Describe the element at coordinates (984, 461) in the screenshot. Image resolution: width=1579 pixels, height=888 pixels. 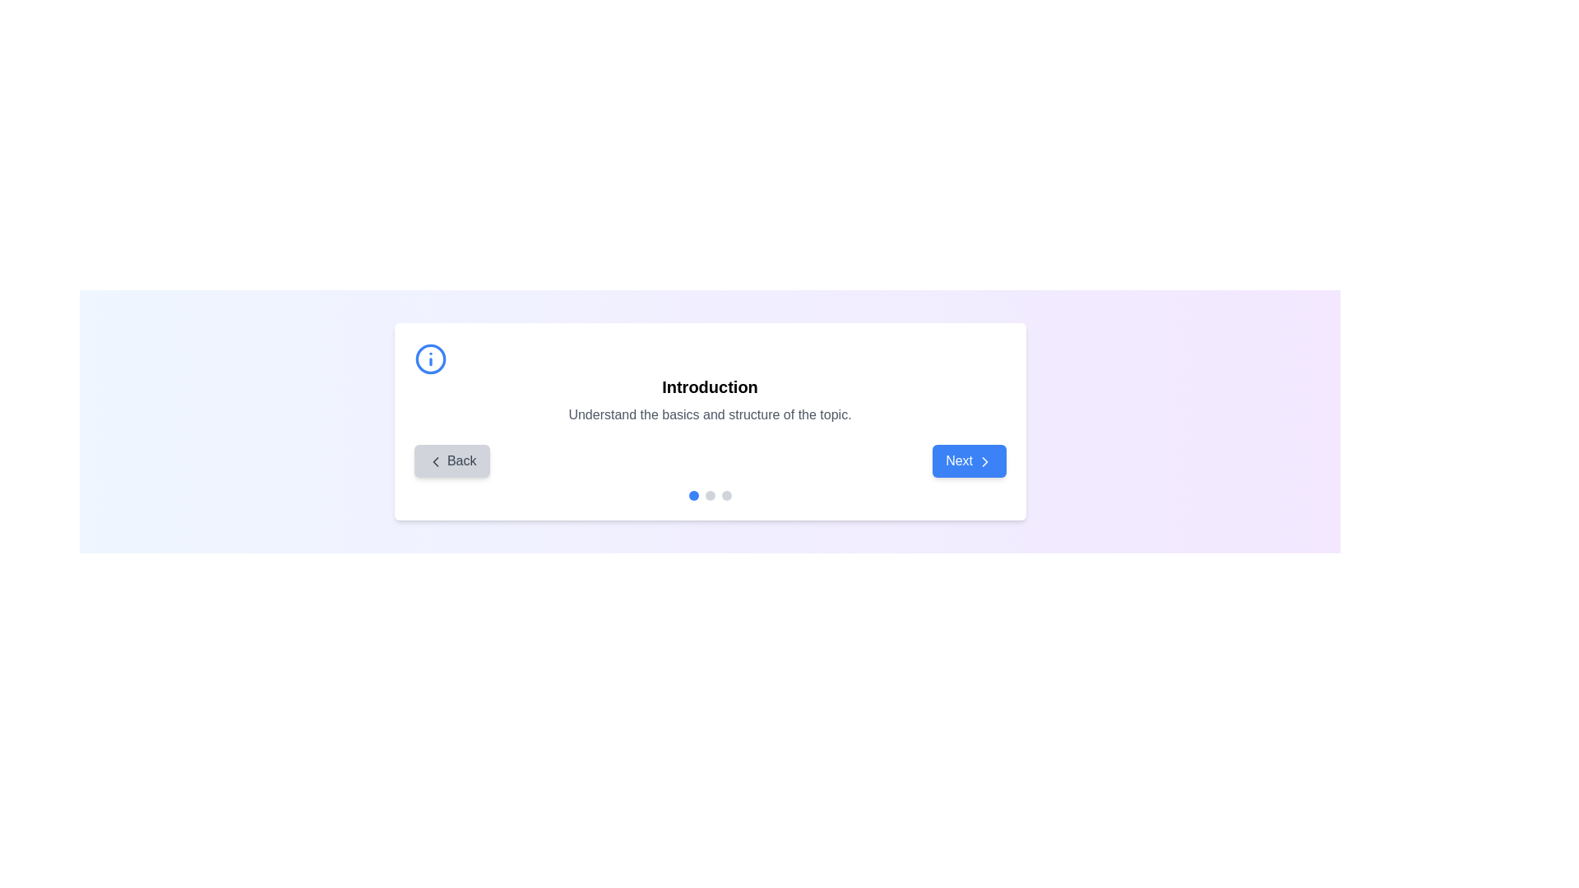
I see `the Chevron icon located at the far-right margin of the 'Next' button` at that location.